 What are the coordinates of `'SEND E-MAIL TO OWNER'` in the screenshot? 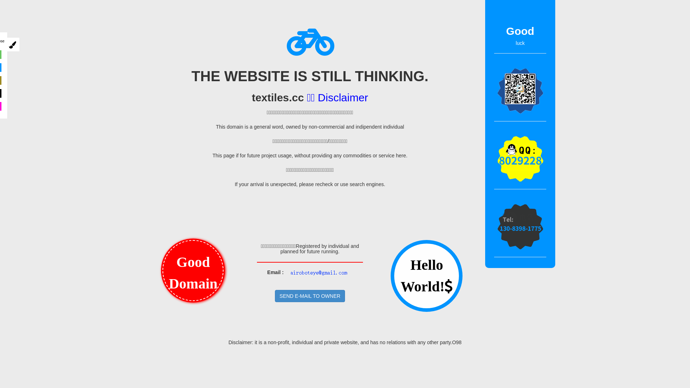 It's located at (310, 296).